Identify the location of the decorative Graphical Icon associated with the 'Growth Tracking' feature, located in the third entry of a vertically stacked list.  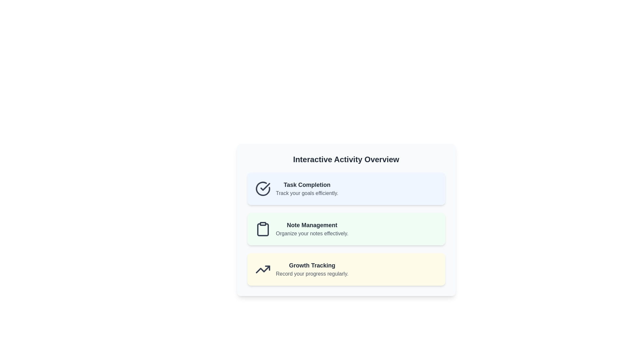
(263, 269).